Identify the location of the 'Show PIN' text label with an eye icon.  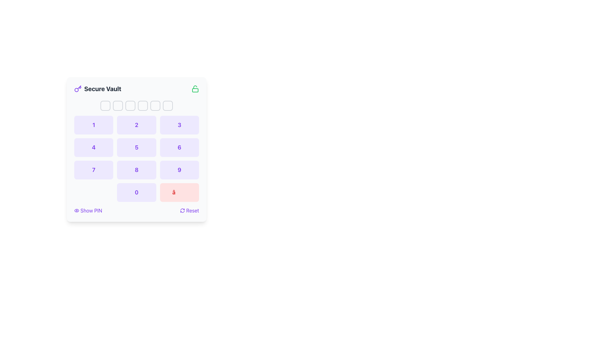
(91, 211).